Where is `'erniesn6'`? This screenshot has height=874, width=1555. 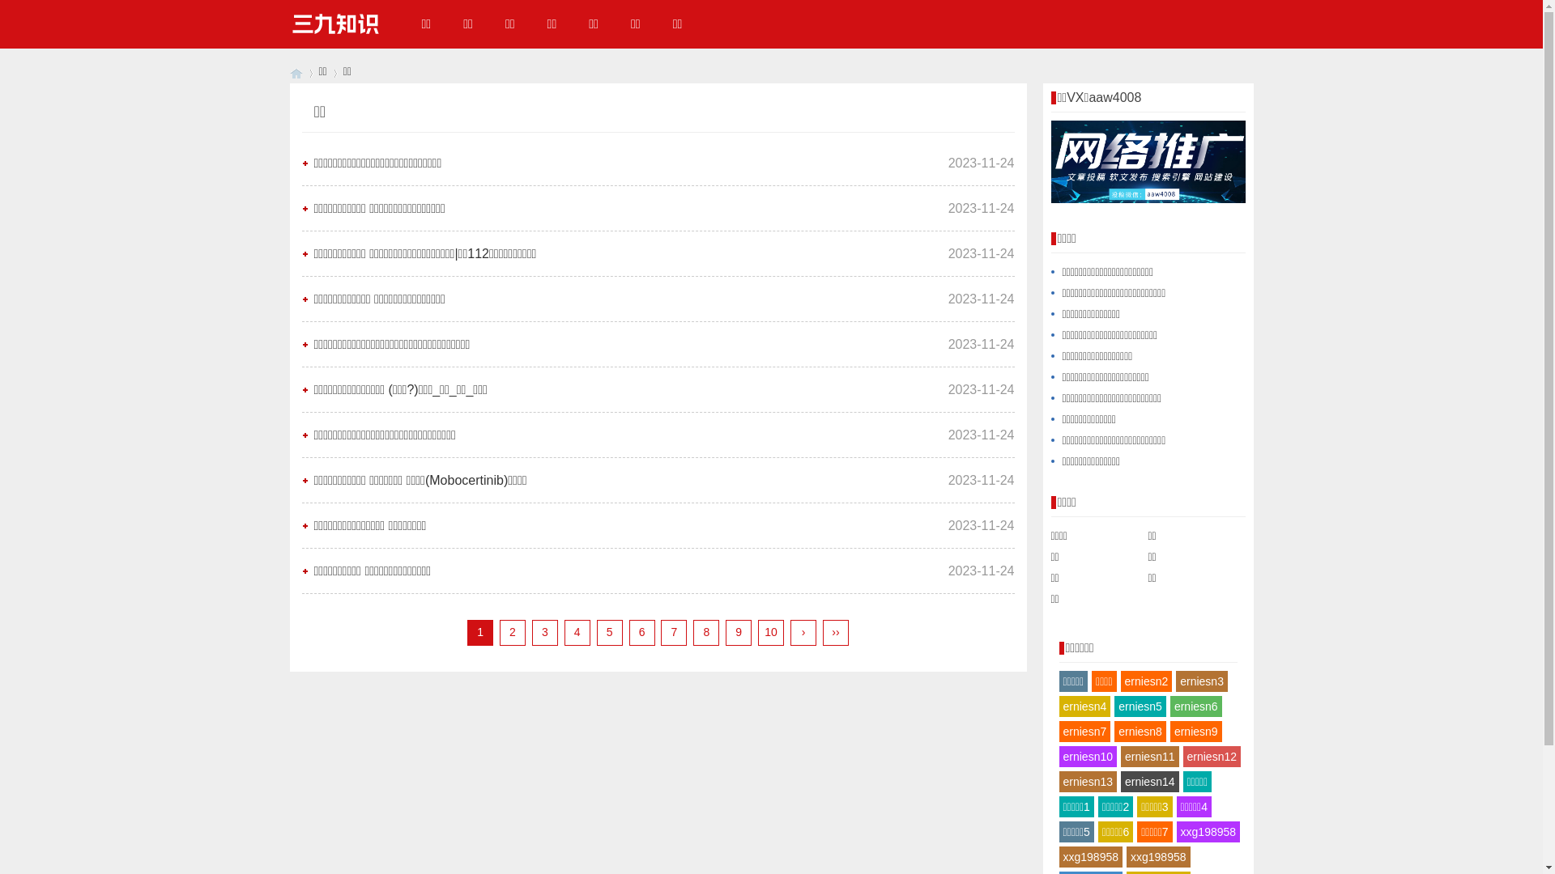
'erniesn6' is located at coordinates (1169, 705).